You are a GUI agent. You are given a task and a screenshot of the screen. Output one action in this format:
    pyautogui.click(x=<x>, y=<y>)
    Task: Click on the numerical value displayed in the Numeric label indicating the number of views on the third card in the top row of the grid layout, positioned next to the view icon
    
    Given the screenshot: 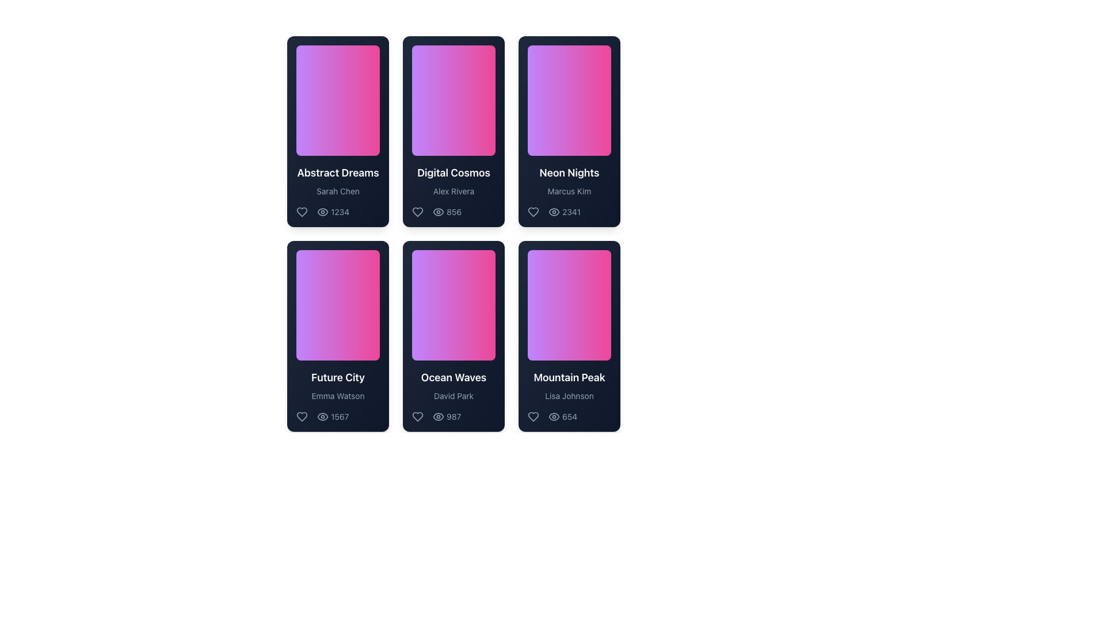 What is the action you would take?
    pyautogui.click(x=569, y=212)
    